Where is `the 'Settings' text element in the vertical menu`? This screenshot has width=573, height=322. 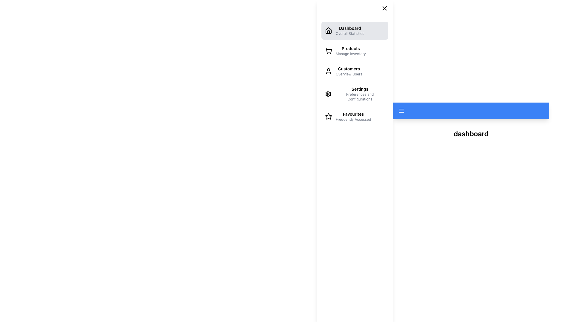 the 'Settings' text element in the vertical menu is located at coordinates (359, 89).